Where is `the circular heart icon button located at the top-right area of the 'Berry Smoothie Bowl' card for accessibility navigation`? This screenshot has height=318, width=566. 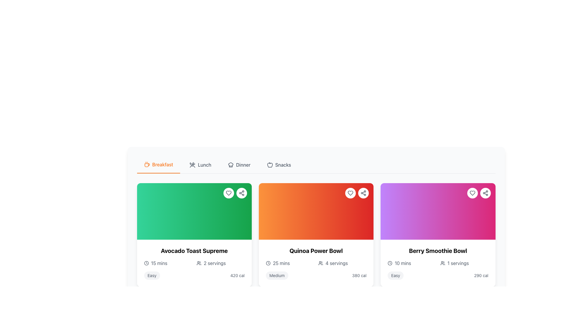
the circular heart icon button located at the top-right area of the 'Berry Smoothie Bowl' card for accessibility navigation is located at coordinates (472, 193).